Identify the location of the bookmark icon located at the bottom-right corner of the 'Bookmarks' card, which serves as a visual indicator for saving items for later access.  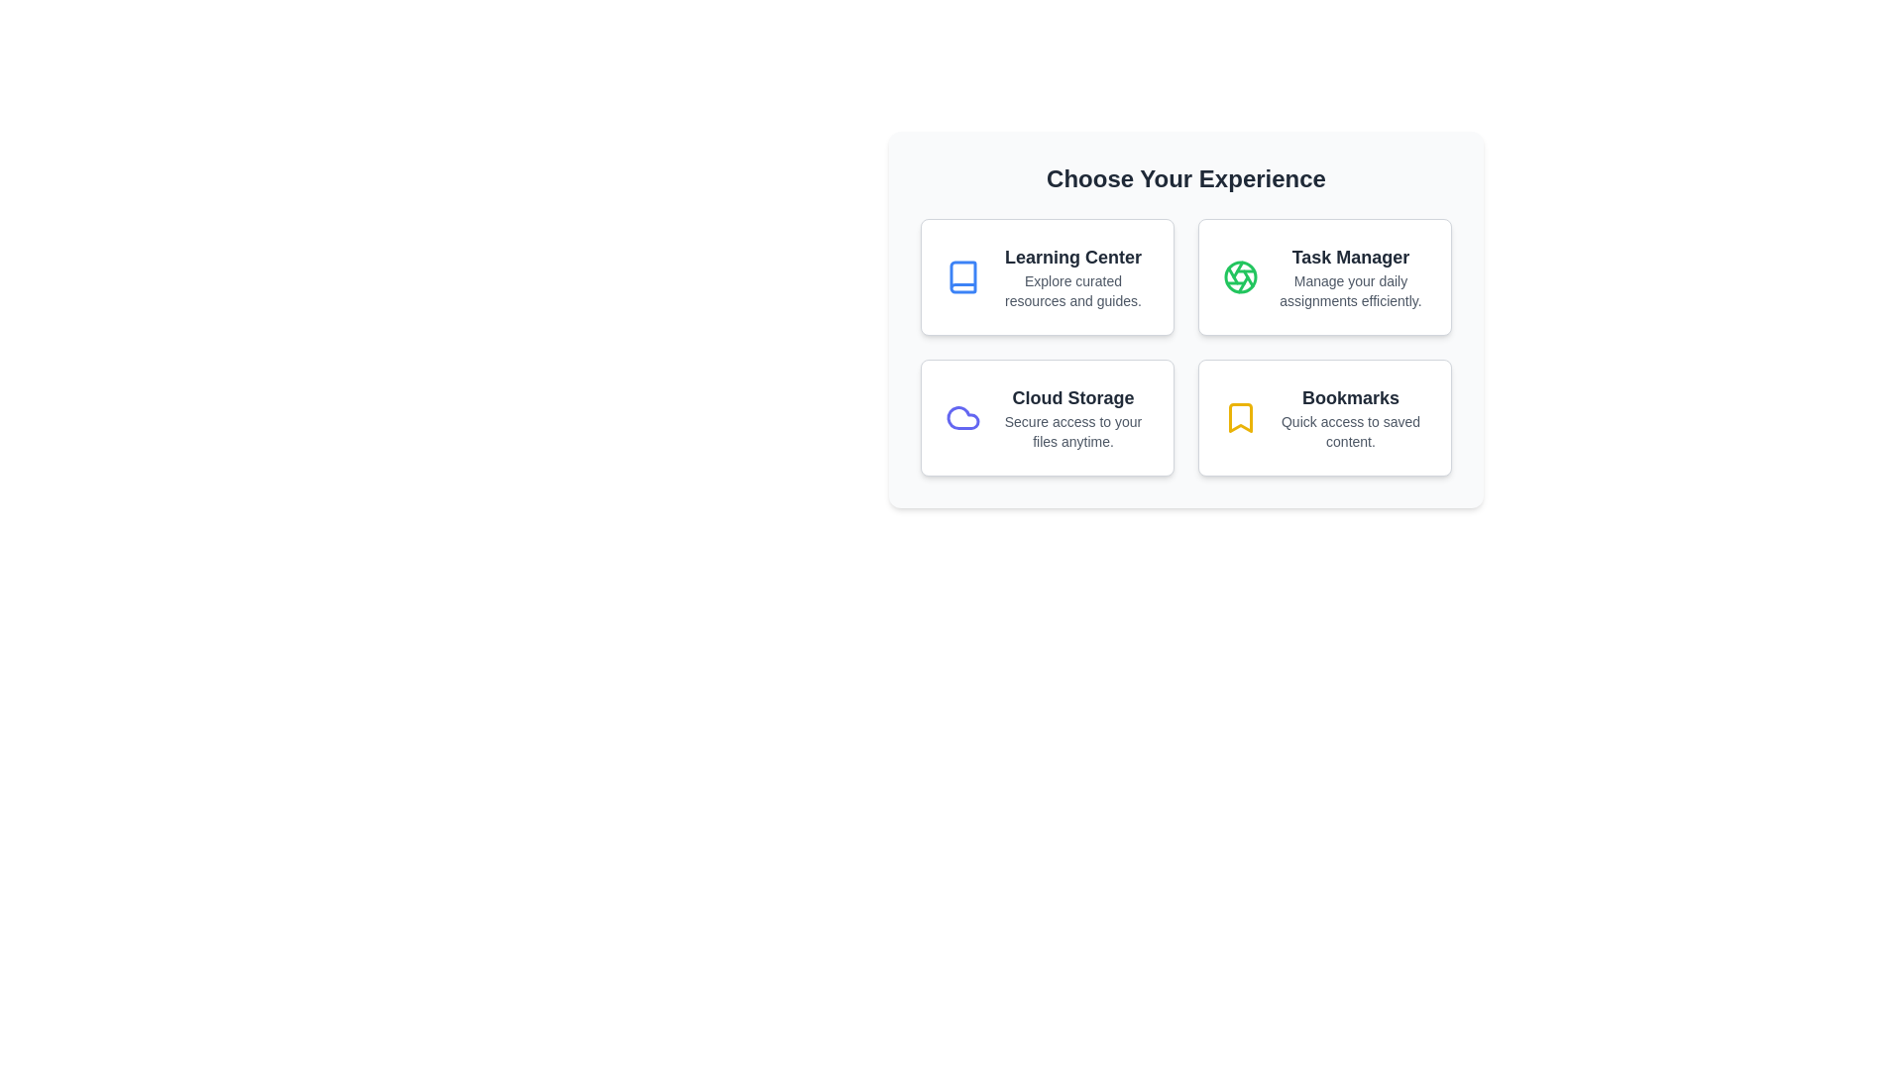
(1240, 416).